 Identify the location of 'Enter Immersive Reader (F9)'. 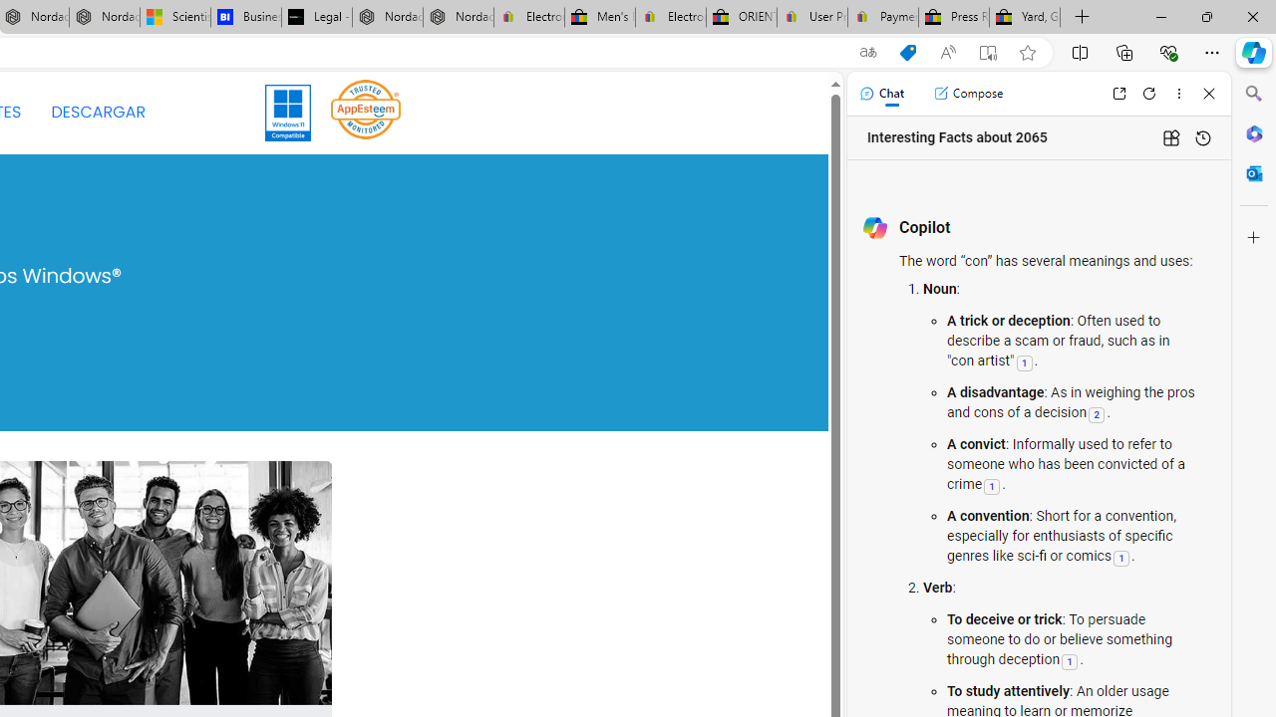
(988, 52).